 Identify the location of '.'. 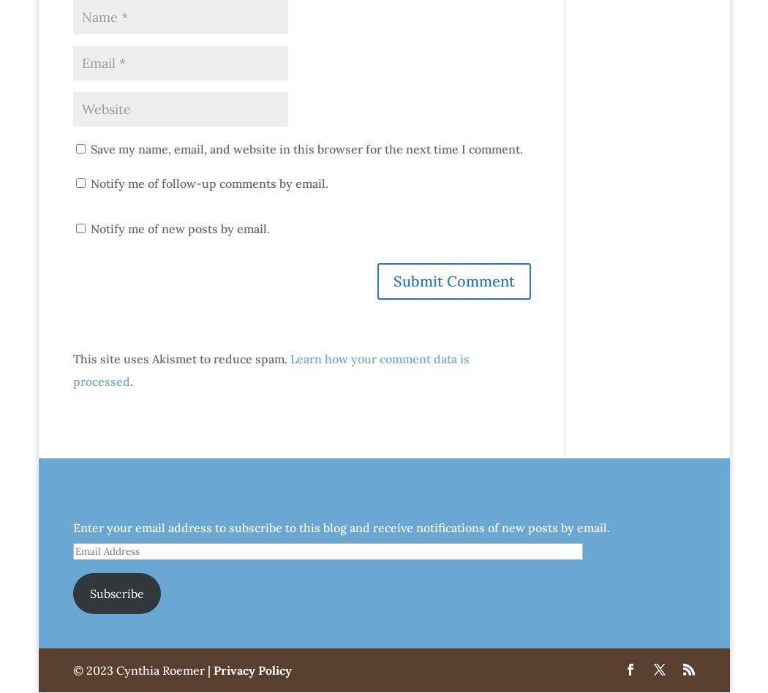
(131, 381).